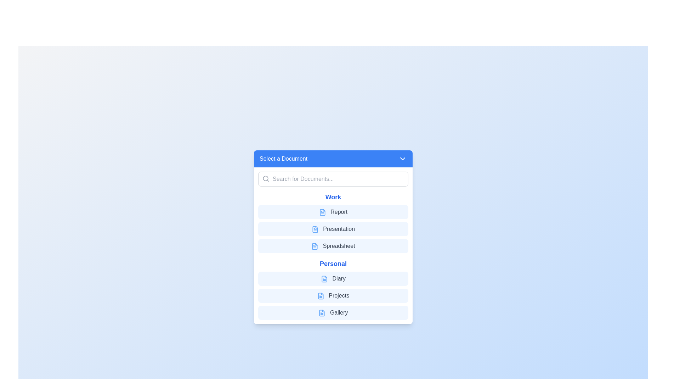 The width and height of the screenshot is (680, 383). I want to click on the 'Presentation' button, which is the second item under the 'Work' heading, so click(333, 229).